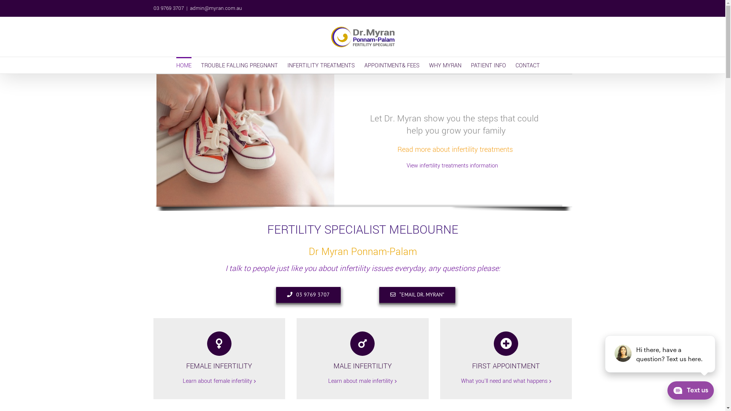  What do you see at coordinates (360, 381) in the screenshot?
I see `'Learn about male infertility'` at bounding box center [360, 381].